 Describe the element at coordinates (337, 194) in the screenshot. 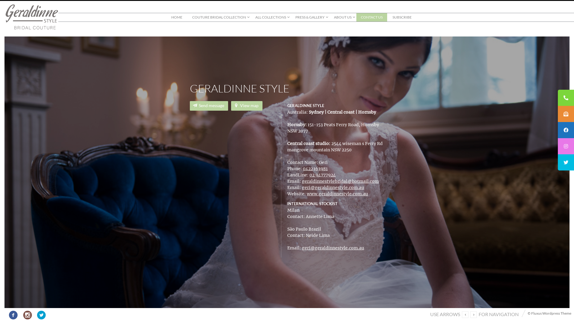

I see `'www.geraldinnestyle.com.au'` at that location.